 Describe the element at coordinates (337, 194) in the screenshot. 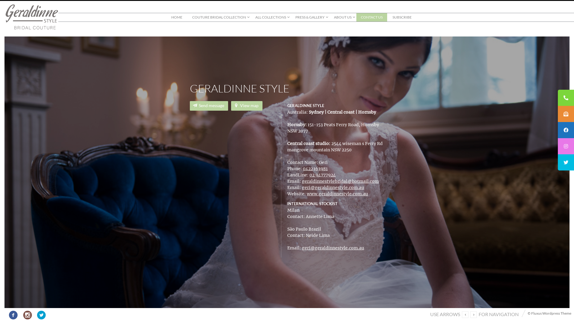

I see `'www.geraldinnestyle.com.au'` at that location.